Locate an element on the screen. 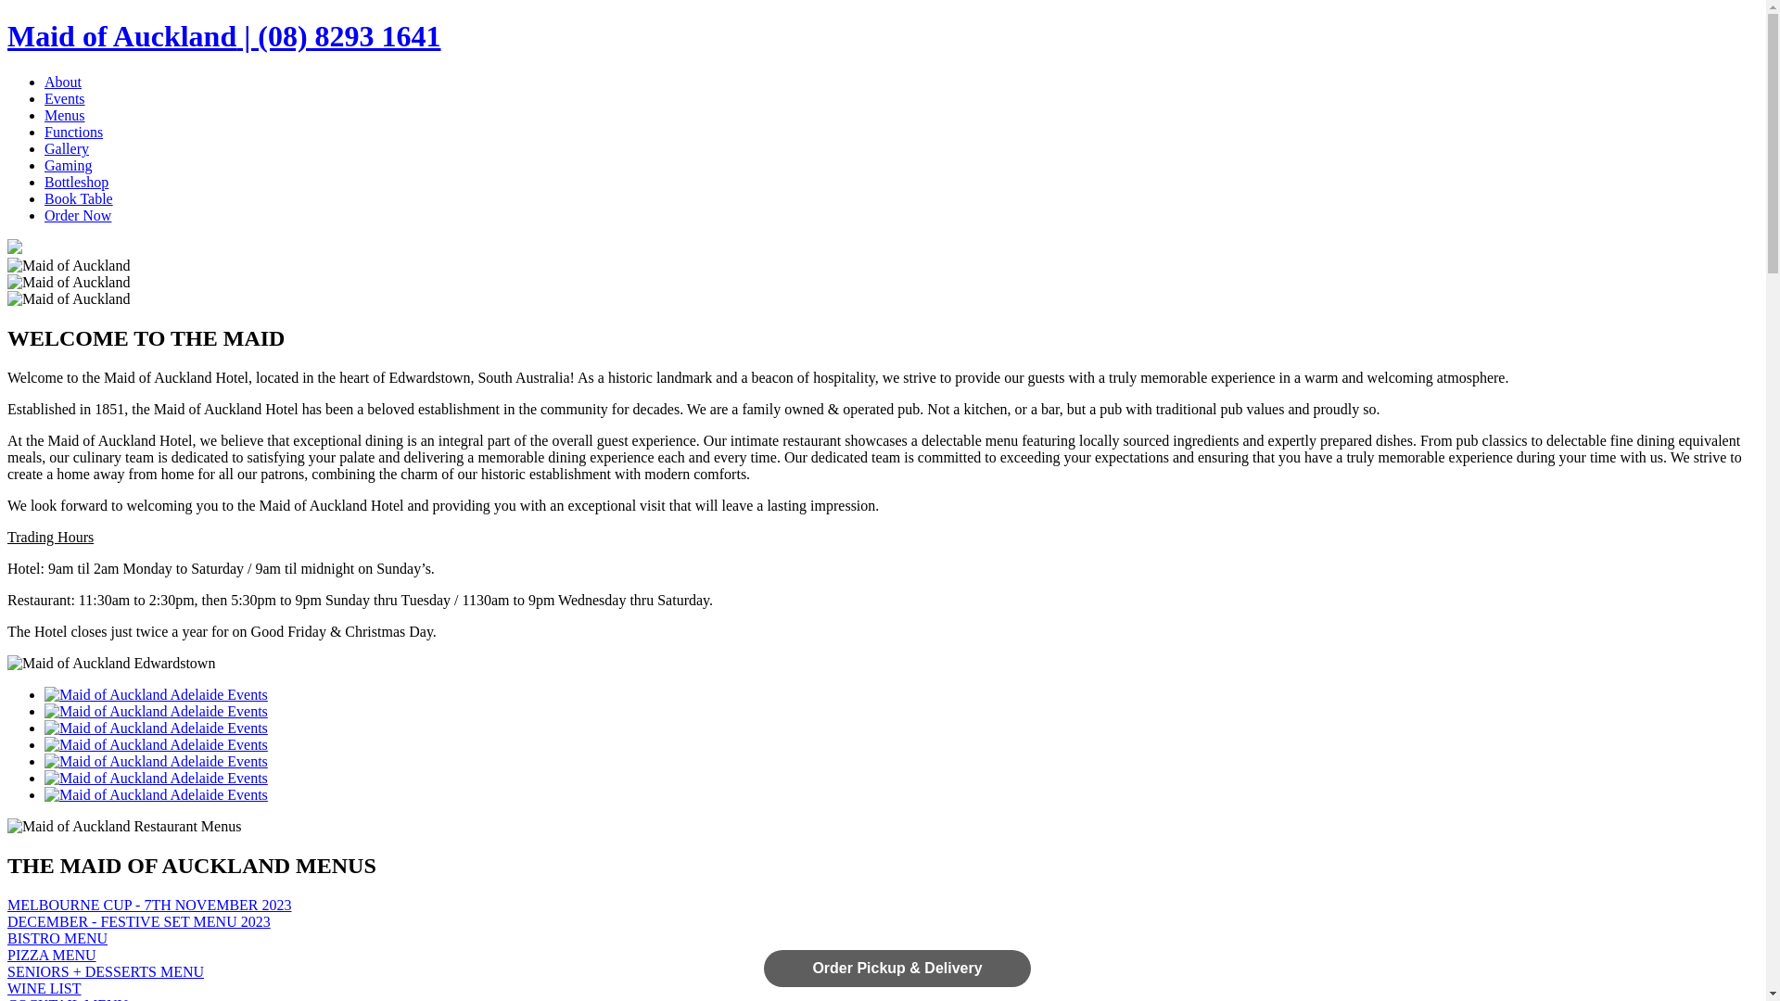 This screenshot has height=1001, width=1780. 'SENIORS + DESSERTS MENU' is located at coordinates (882, 971).